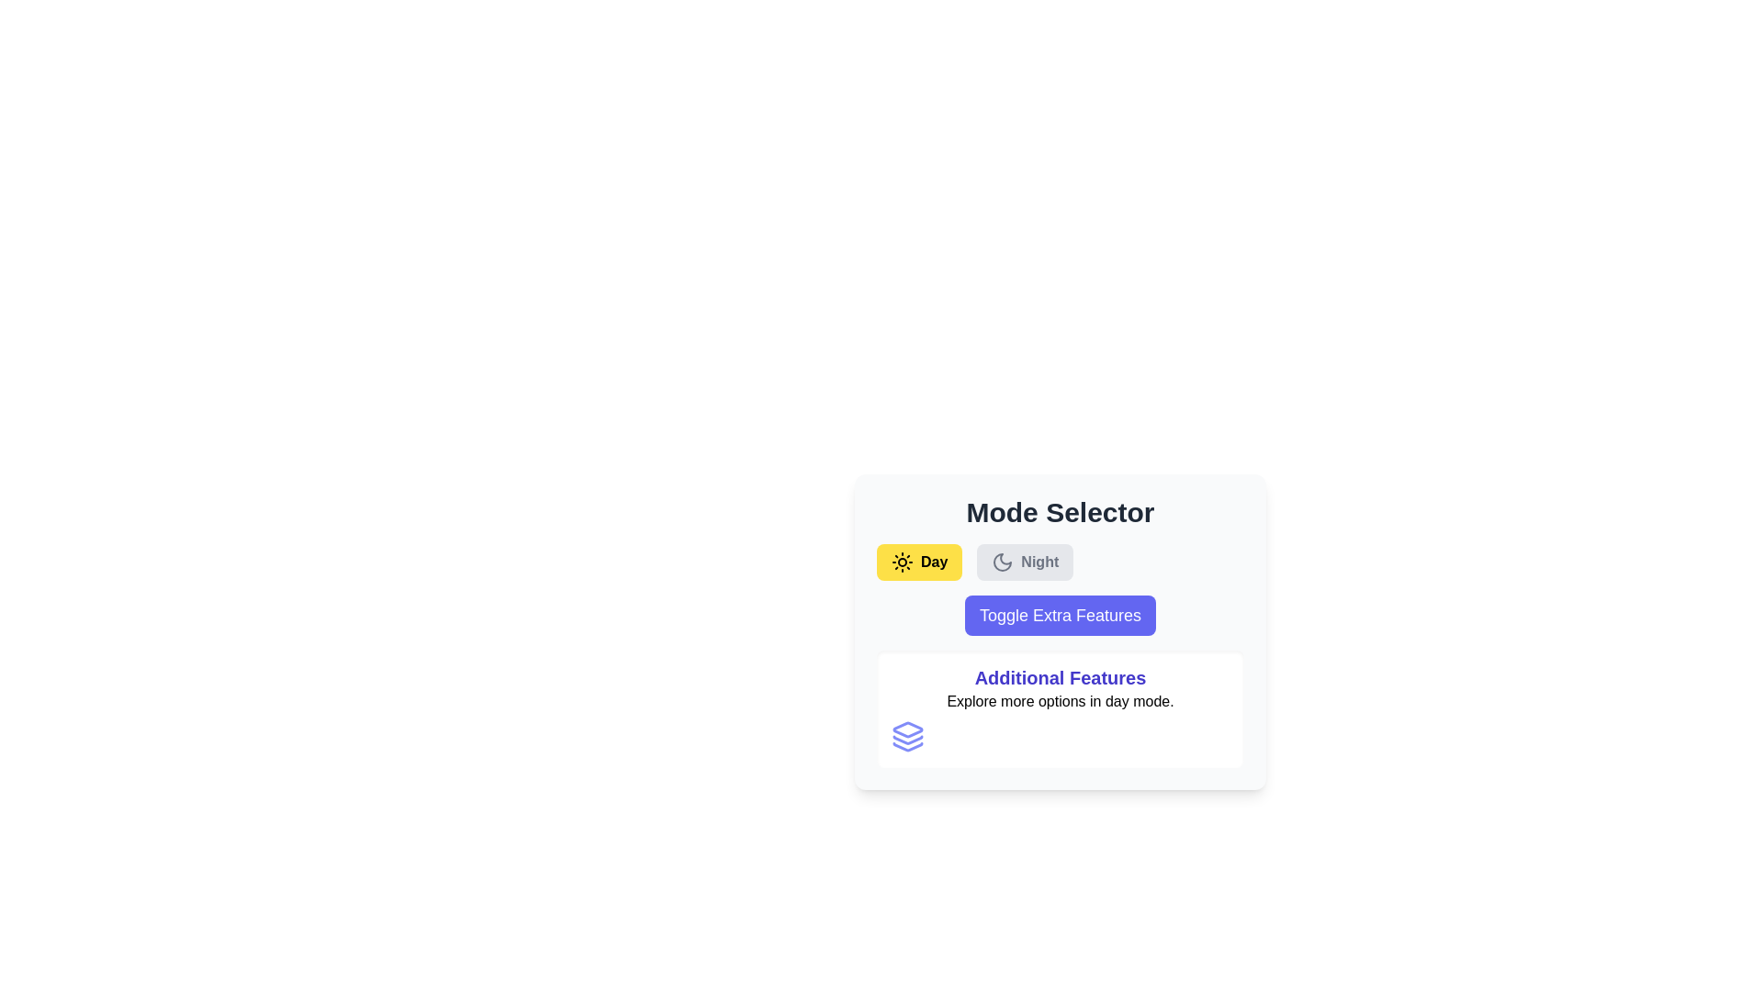 This screenshot has height=991, width=1763. What do you see at coordinates (1061, 631) in the screenshot?
I see `the toggle button located below the 'Day' and 'Night' toggle buttons and above the 'Additional Features' text box` at bounding box center [1061, 631].